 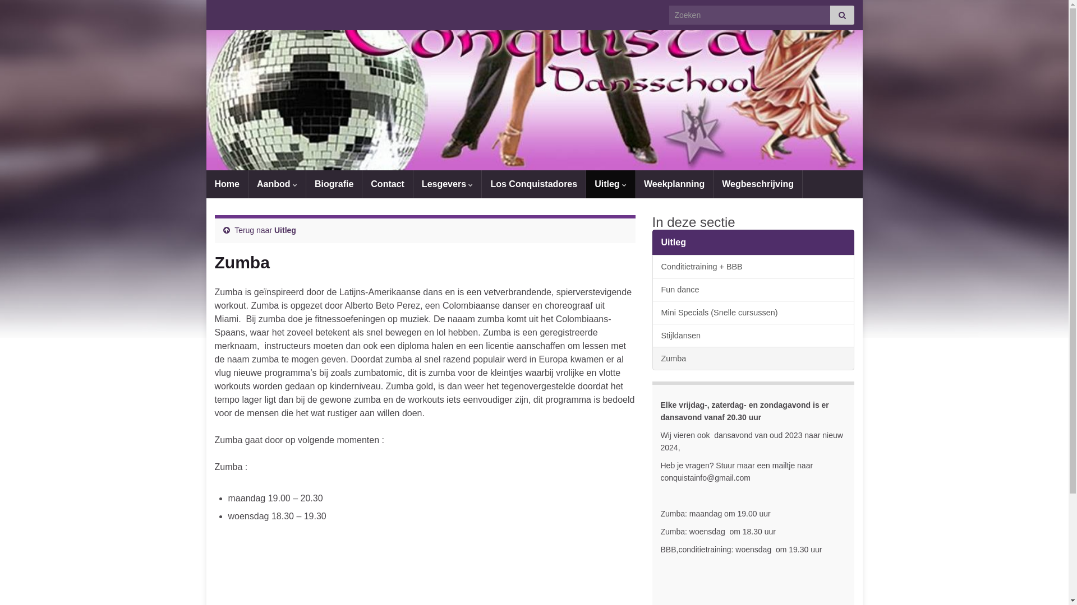 I want to click on 'Contact', so click(x=388, y=183).